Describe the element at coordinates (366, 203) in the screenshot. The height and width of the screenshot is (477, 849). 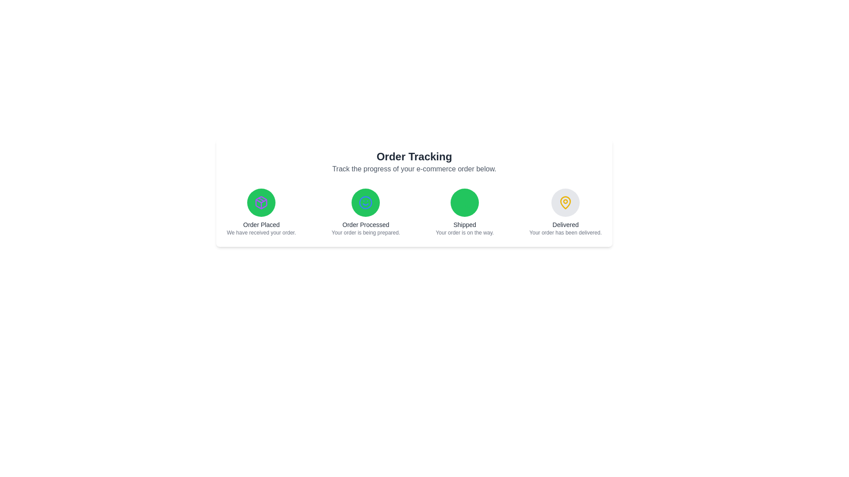
I see `the central circular SVG element of the smile icon in the 'Order Processed' block, which is the second progress indicator from the left` at that location.